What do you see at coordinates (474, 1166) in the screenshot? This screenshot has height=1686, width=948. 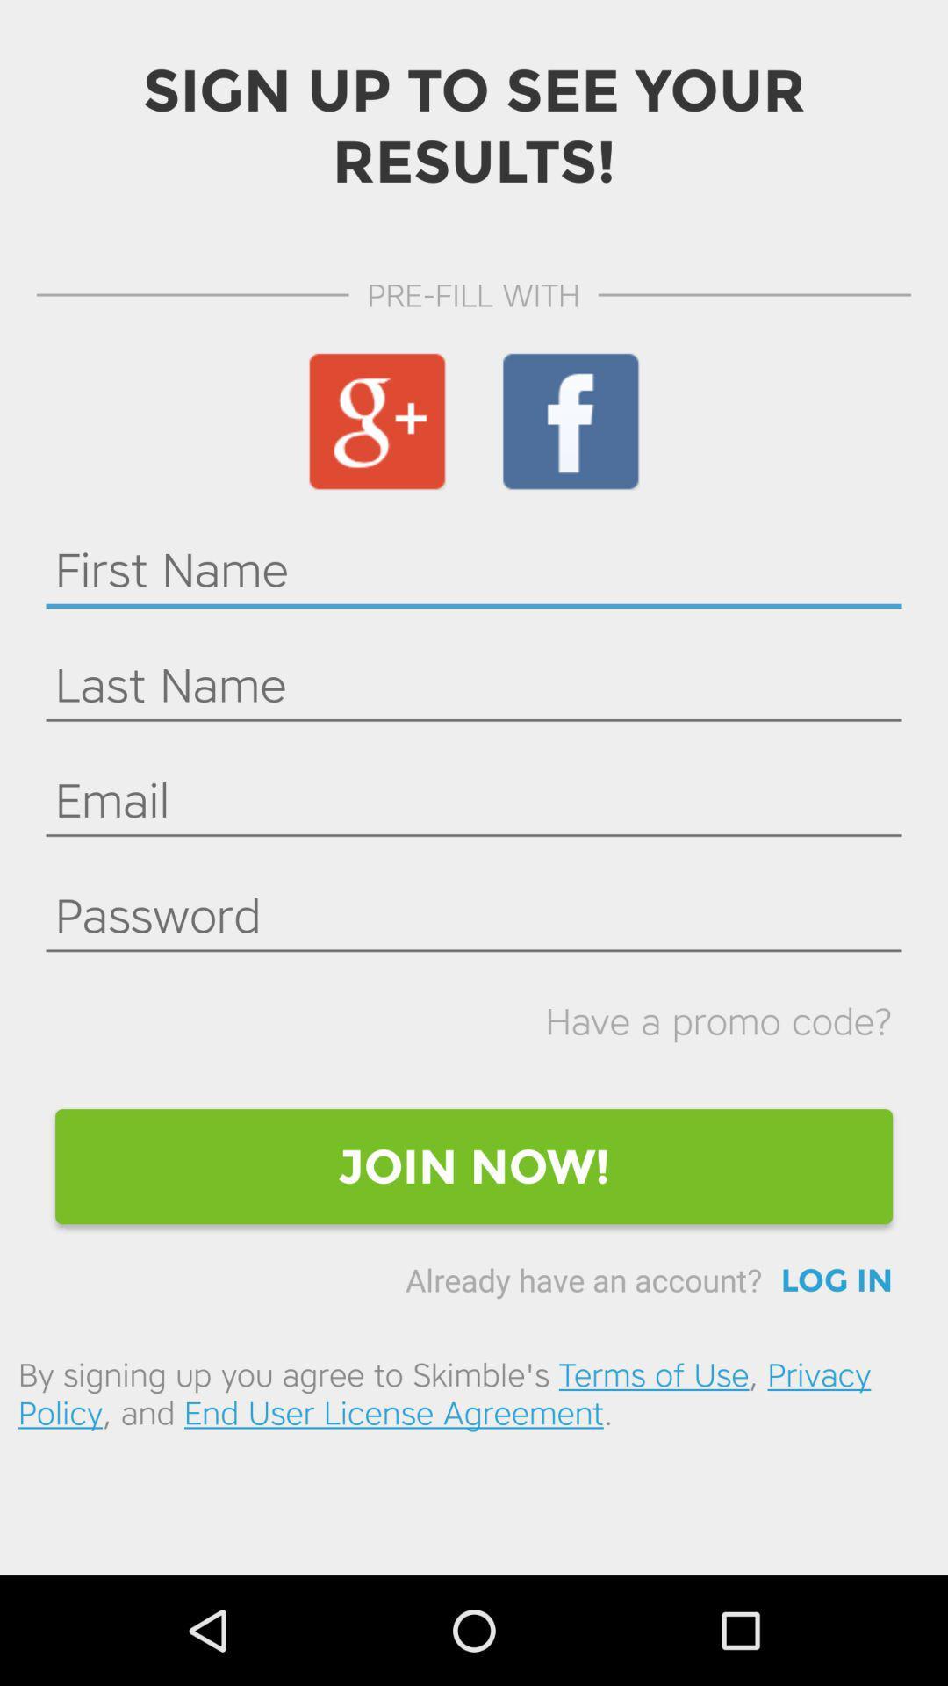 I see `the join now!` at bounding box center [474, 1166].